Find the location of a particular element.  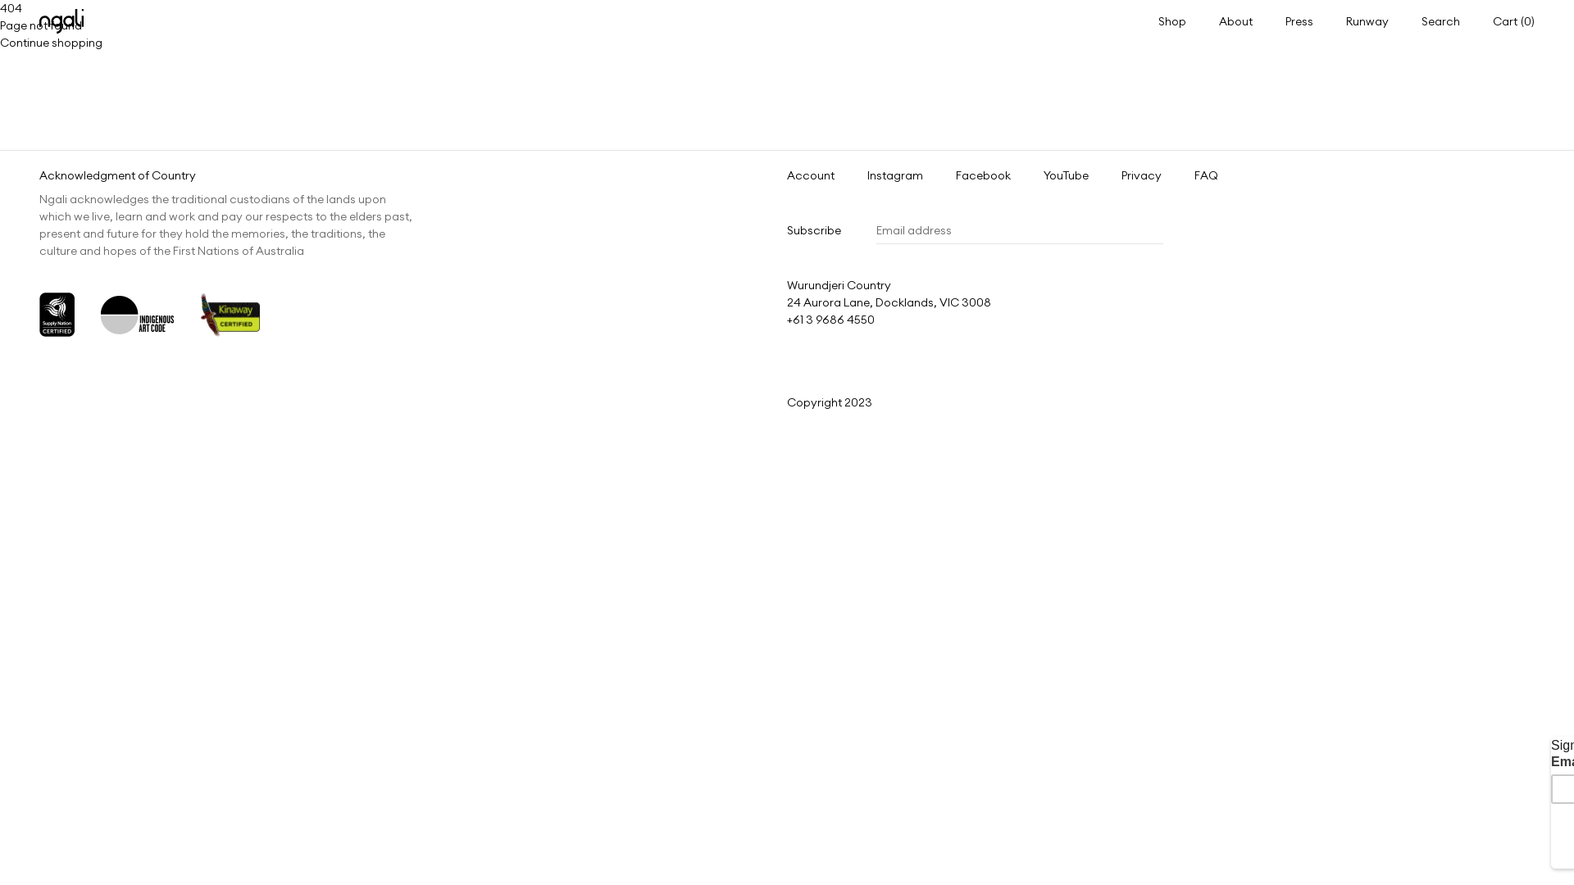

'Instagram' is located at coordinates (894, 175).